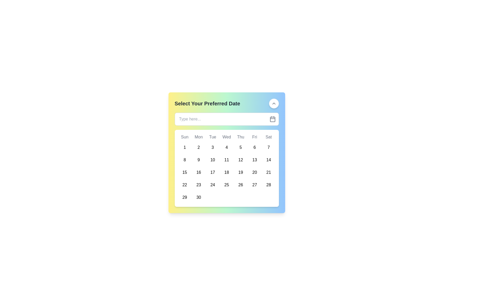 This screenshot has height=281, width=500. What do you see at coordinates (227, 137) in the screenshot?
I see `the static text label representing 'Wed' in the calendar interface, which is the fourth element in a horizontal sequence of days` at bounding box center [227, 137].